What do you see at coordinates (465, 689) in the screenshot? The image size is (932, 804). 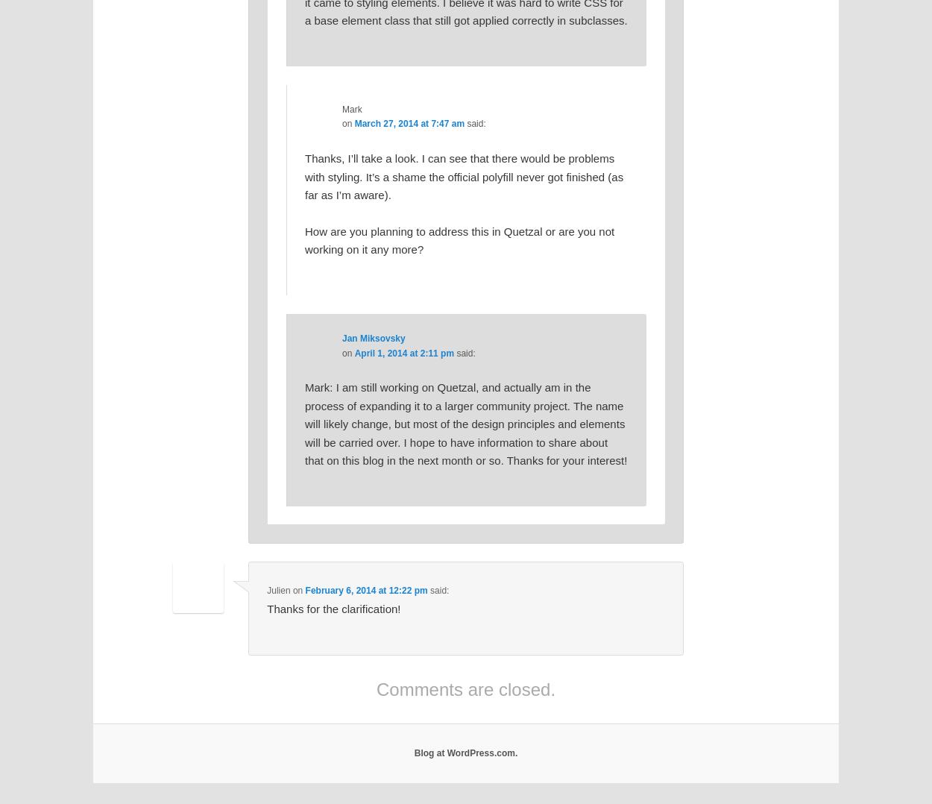 I see `'Comments are closed.'` at bounding box center [465, 689].